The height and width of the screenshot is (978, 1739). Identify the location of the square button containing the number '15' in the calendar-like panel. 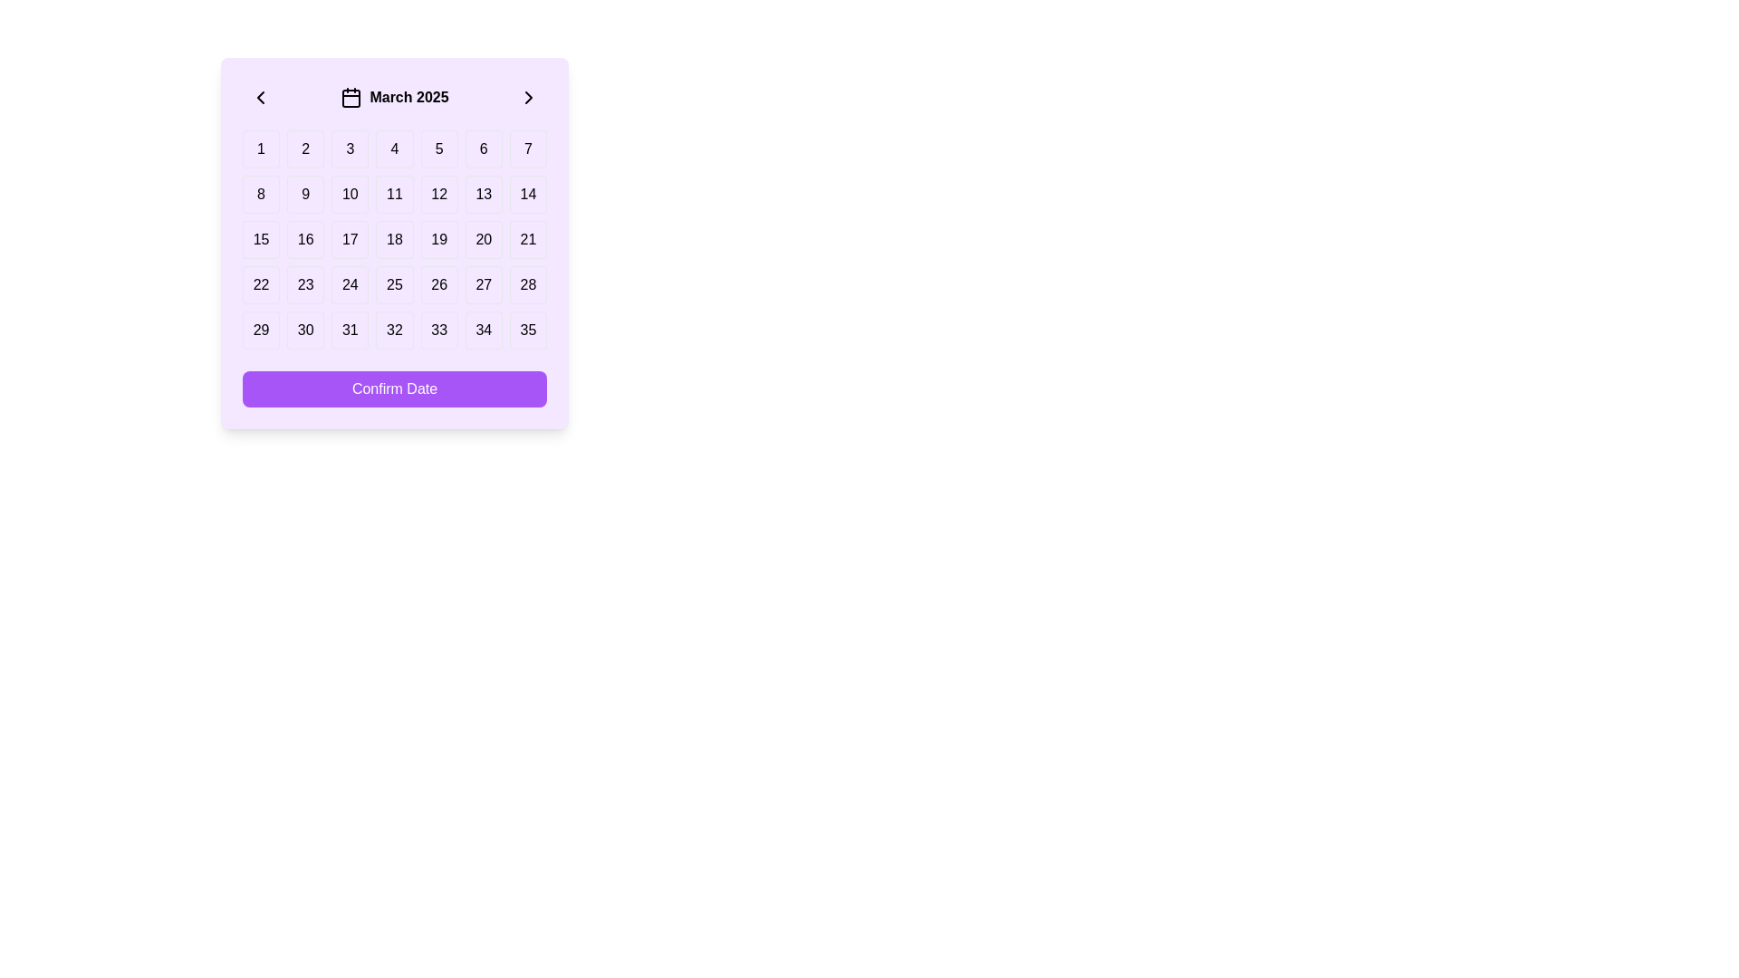
(260, 239).